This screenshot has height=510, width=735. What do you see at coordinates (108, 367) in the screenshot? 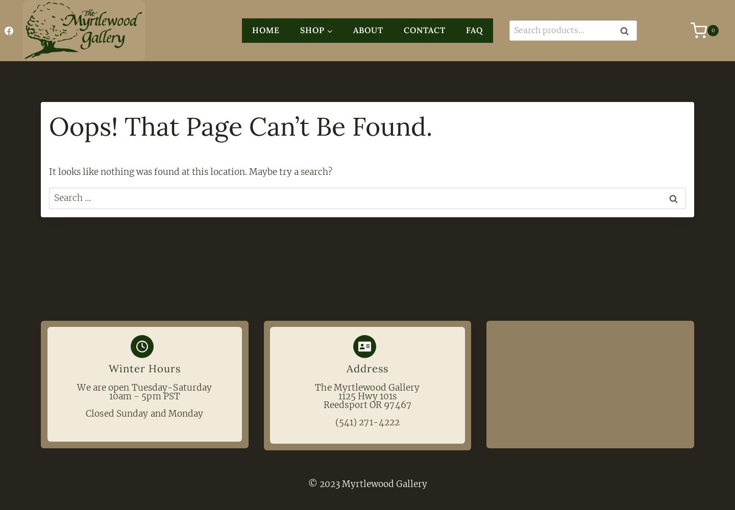
I see `'Winter Hours'` at bounding box center [108, 367].